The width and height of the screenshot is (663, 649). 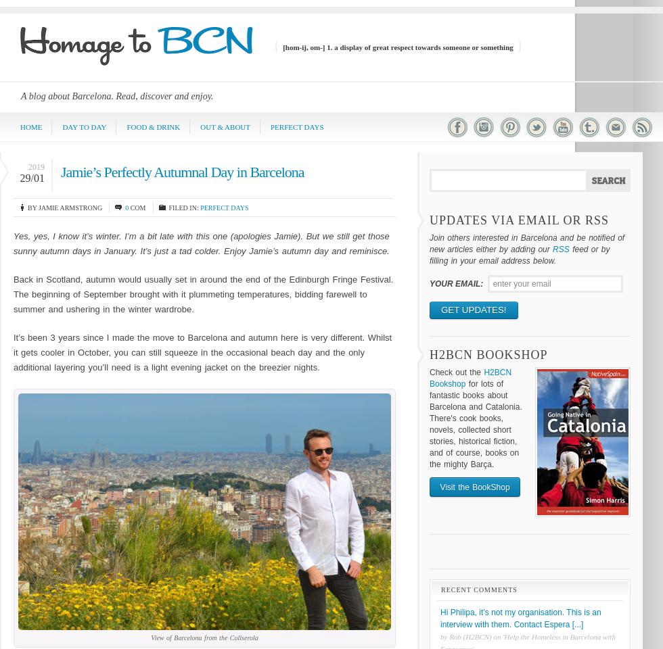 What do you see at coordinates (488, 353) in the screenshot?
I see `'H2BCN BookShop'` at bounding box center [488, 353].